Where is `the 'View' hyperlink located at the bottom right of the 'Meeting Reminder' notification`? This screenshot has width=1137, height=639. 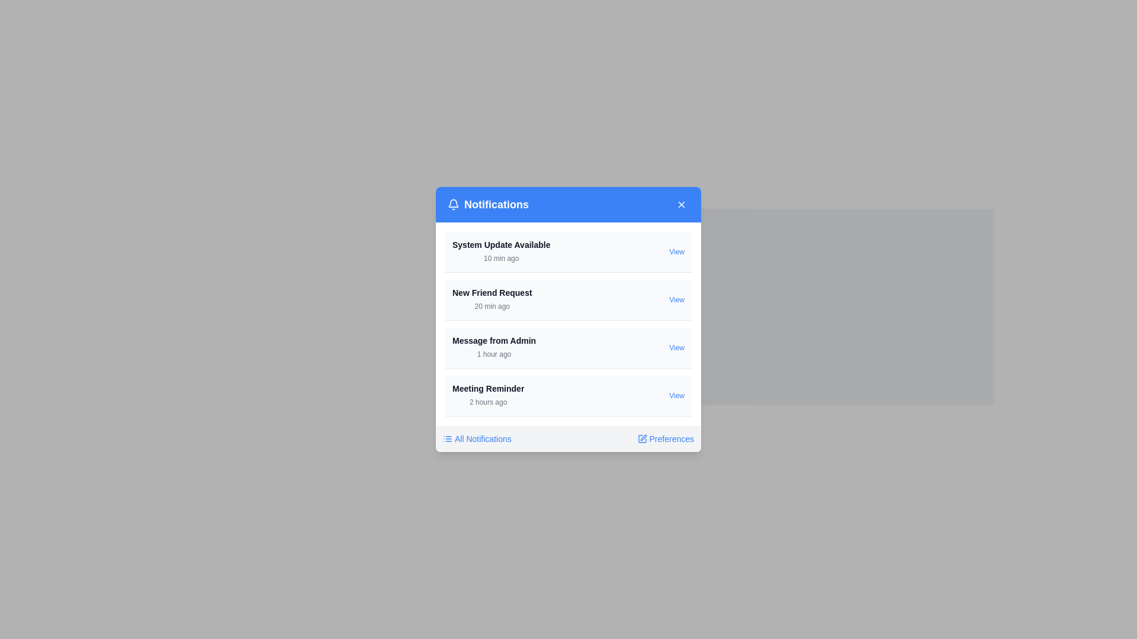 the 'View' hyperlink located at the bottom right of the 'Meeting Reminder' notification is located at coordinates (677, 395).